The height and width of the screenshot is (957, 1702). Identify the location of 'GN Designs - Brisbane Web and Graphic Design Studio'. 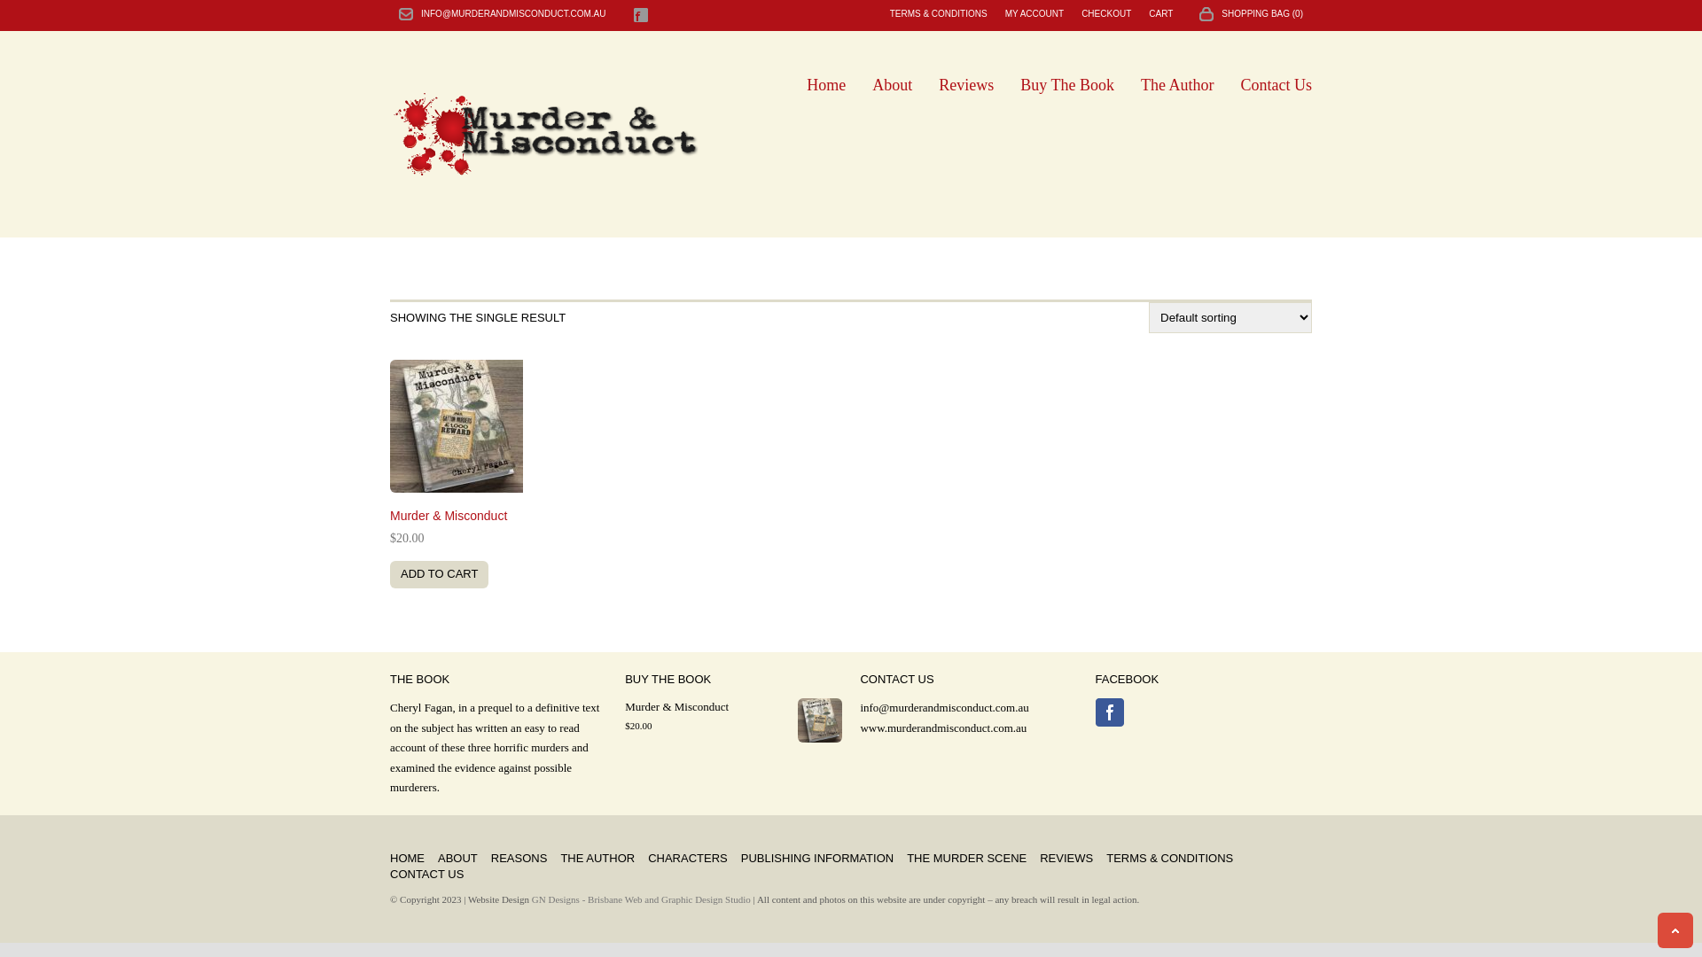
(640, 899).